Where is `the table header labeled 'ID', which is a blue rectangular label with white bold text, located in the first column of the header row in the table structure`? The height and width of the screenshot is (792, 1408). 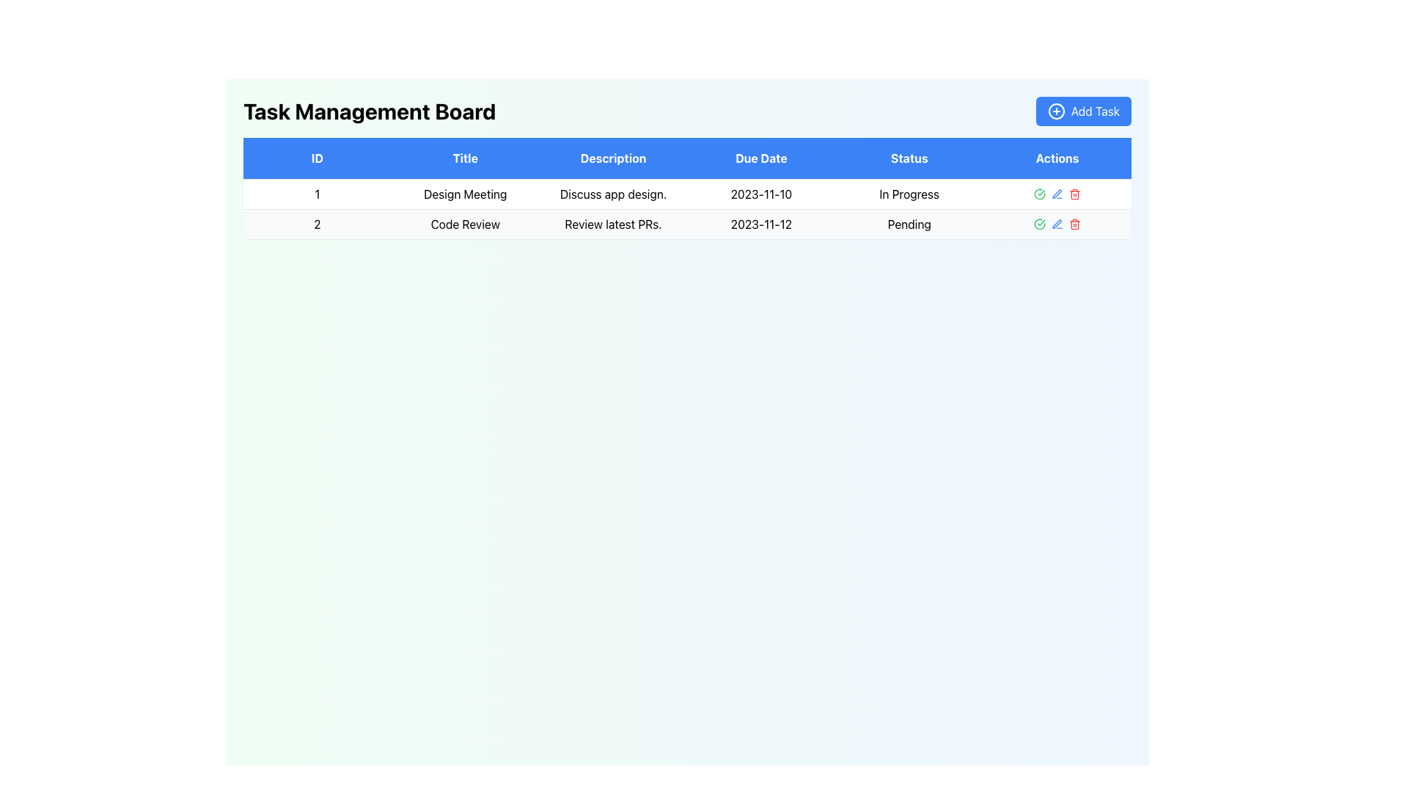
the table header labeled 'ID', which is a blue rectangular label with white bold text, located in the first column of the header row in the table structure is located at coordinates (316, 158).